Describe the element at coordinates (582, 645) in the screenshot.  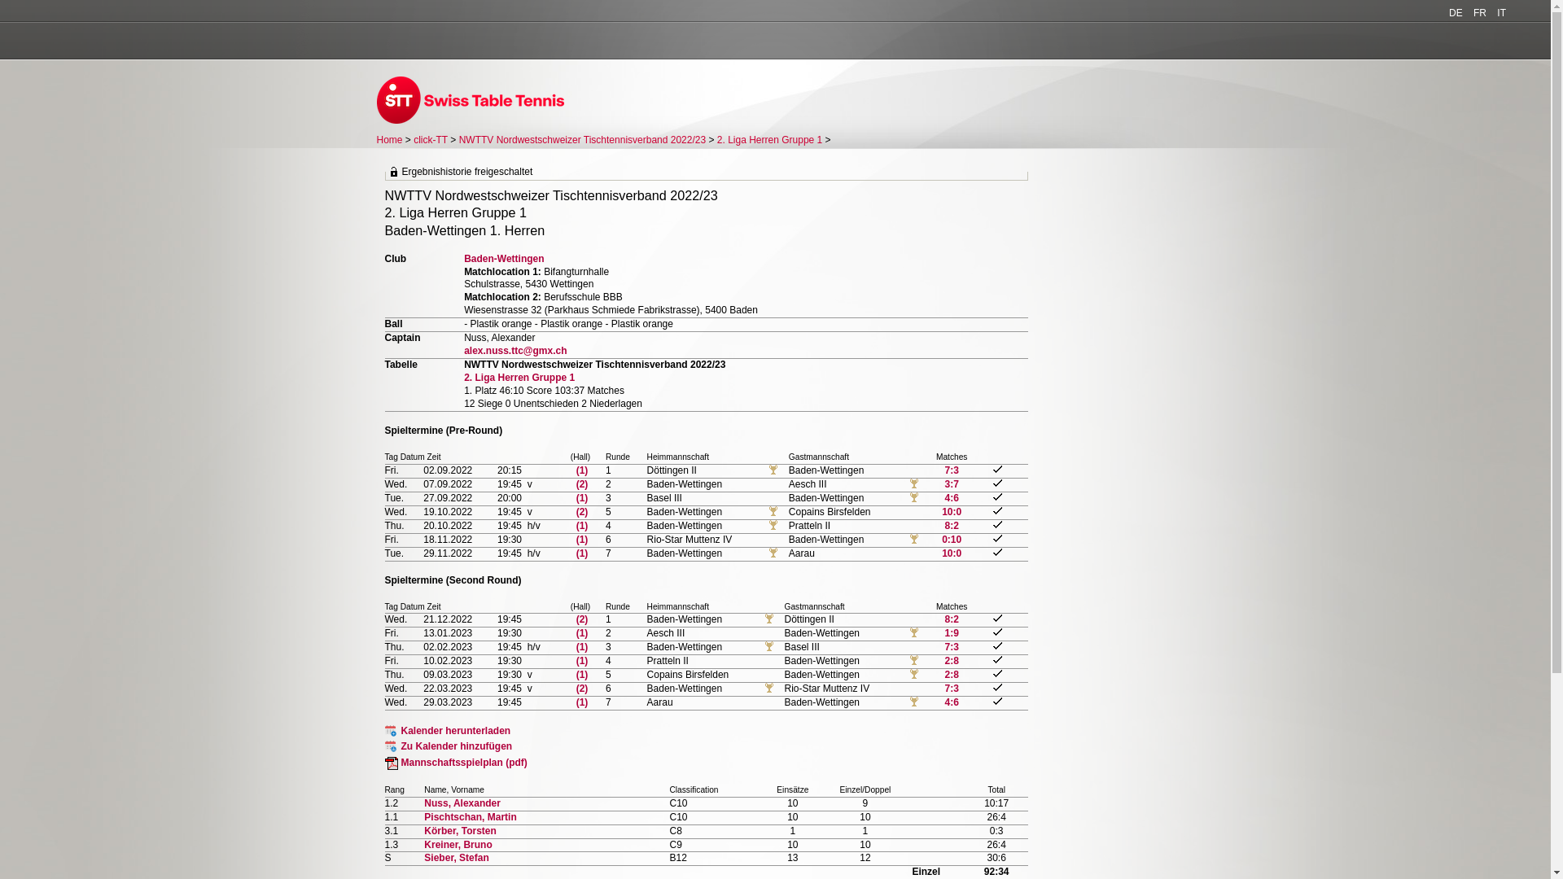
I see `'(1)'` at that location.